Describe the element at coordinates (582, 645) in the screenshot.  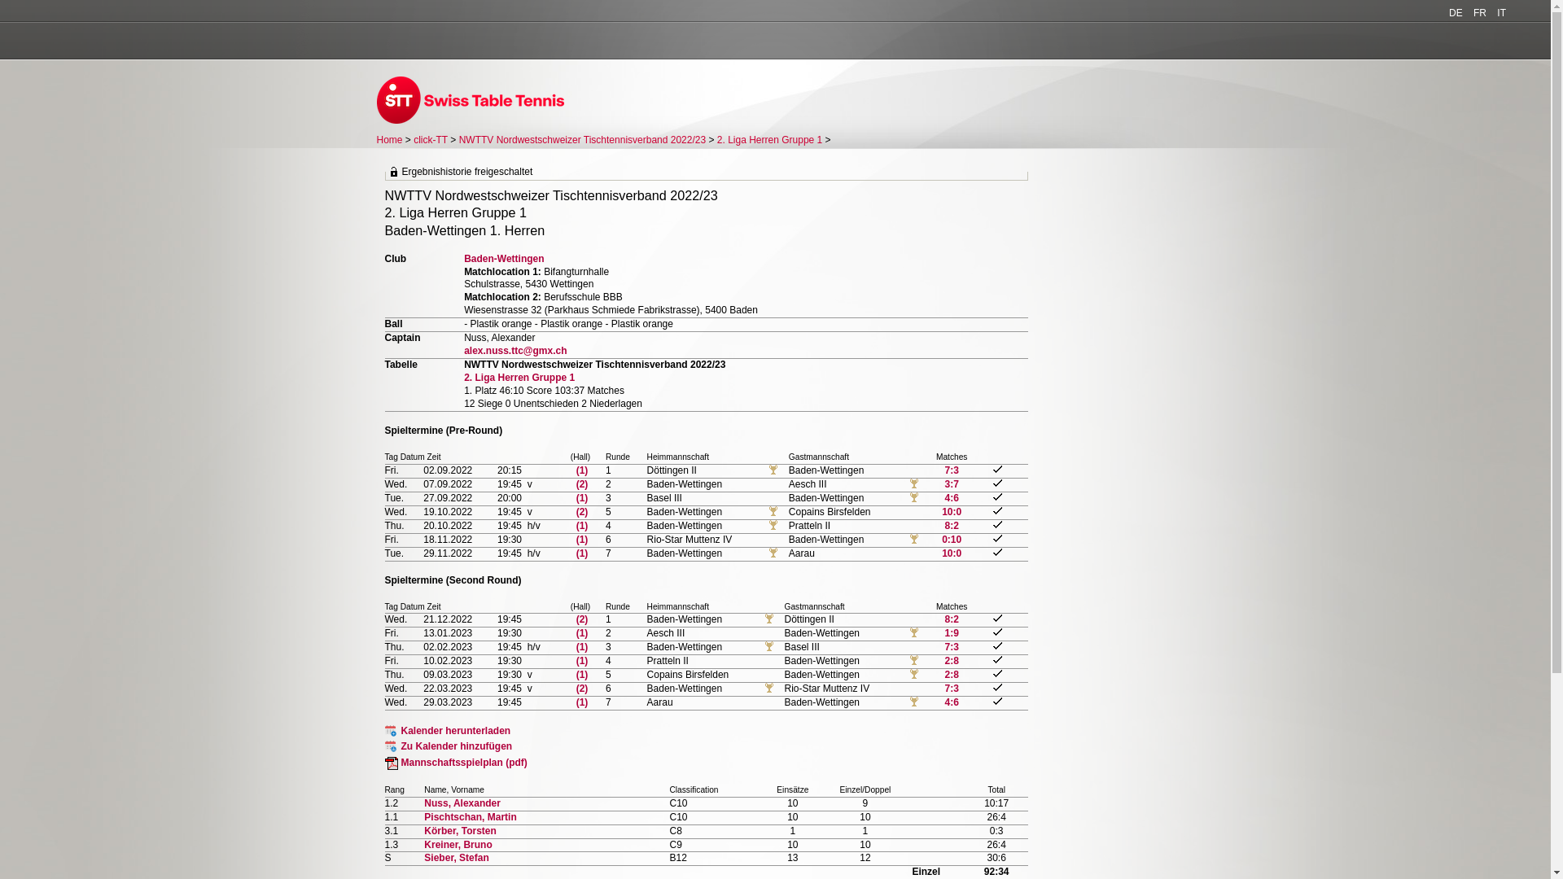
I see `'(1)'` at that location.